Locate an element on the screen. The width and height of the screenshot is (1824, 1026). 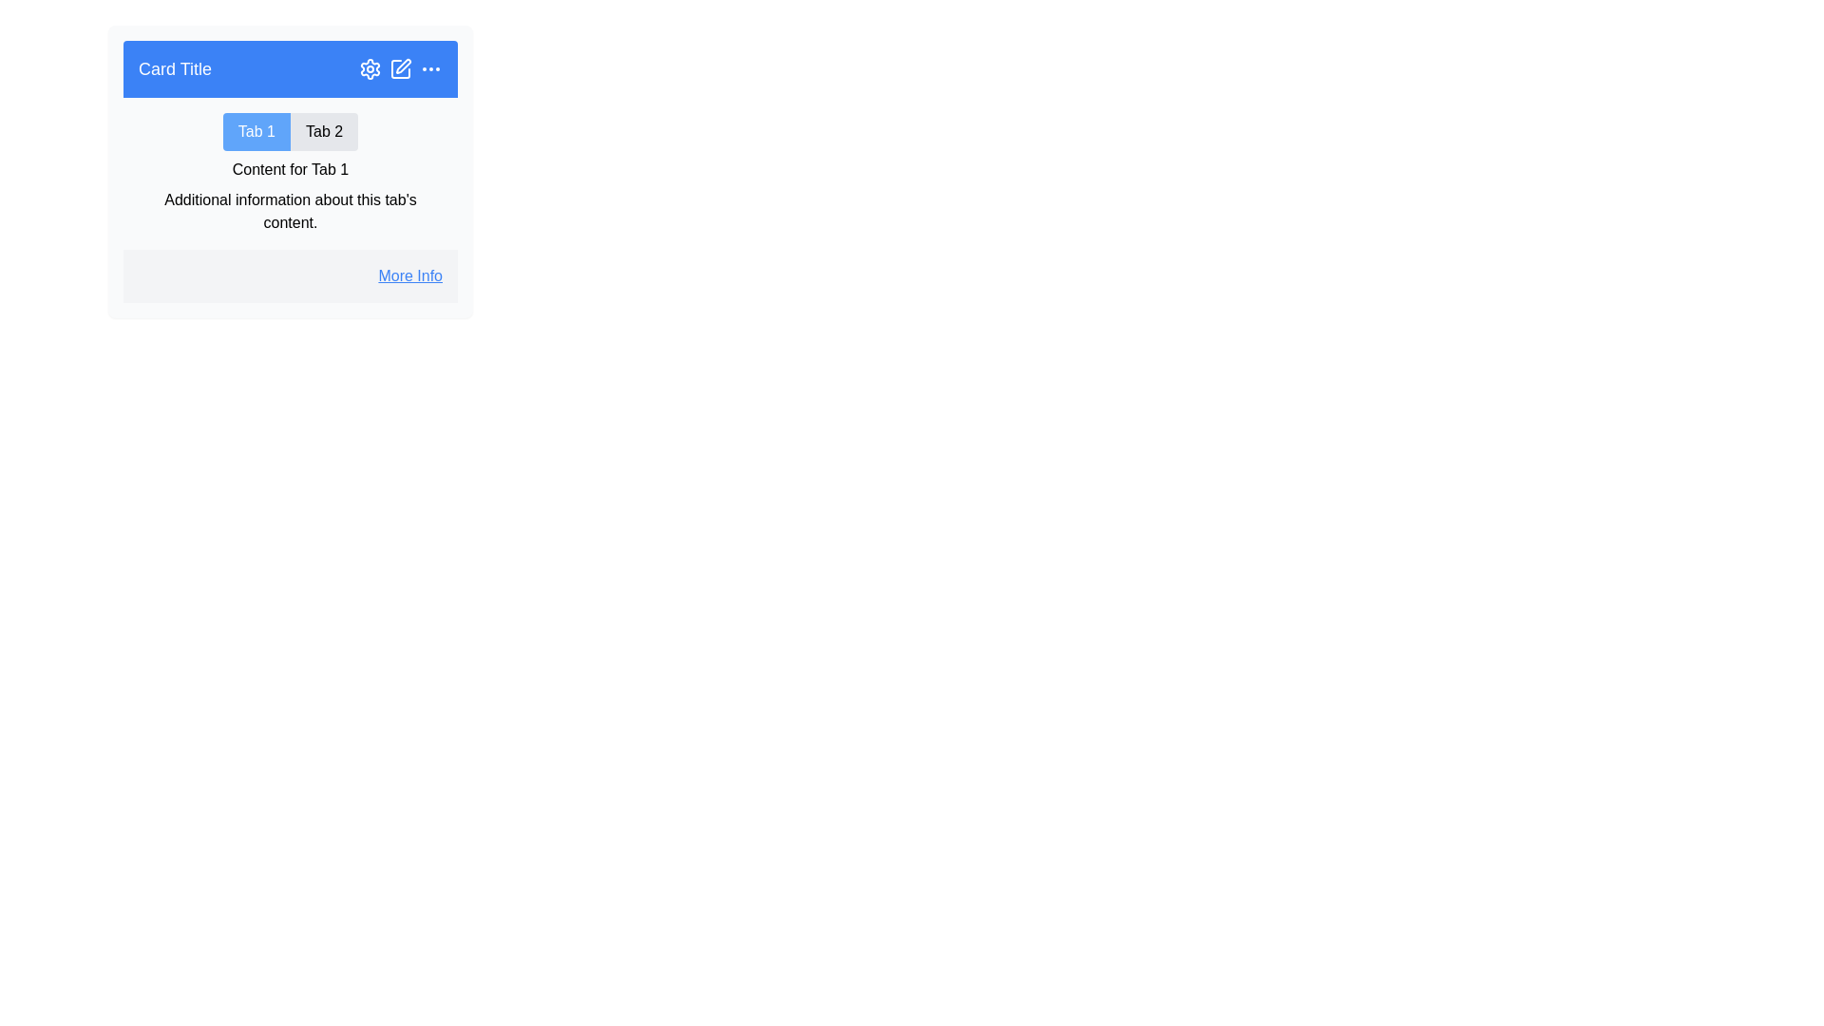
the edit icon button located in the top-right corner of the header area labeled 'Card Title', which is represented by a pen or pencil icon on a blue background is located at coordinates (400, 68).